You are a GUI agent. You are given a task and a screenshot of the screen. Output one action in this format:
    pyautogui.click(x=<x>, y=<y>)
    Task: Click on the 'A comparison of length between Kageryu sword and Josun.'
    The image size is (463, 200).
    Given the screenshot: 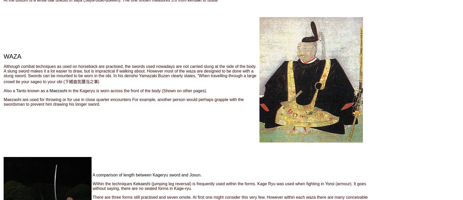 What is the action you would take?
    pyautogui.click(x=147, y=175)
    